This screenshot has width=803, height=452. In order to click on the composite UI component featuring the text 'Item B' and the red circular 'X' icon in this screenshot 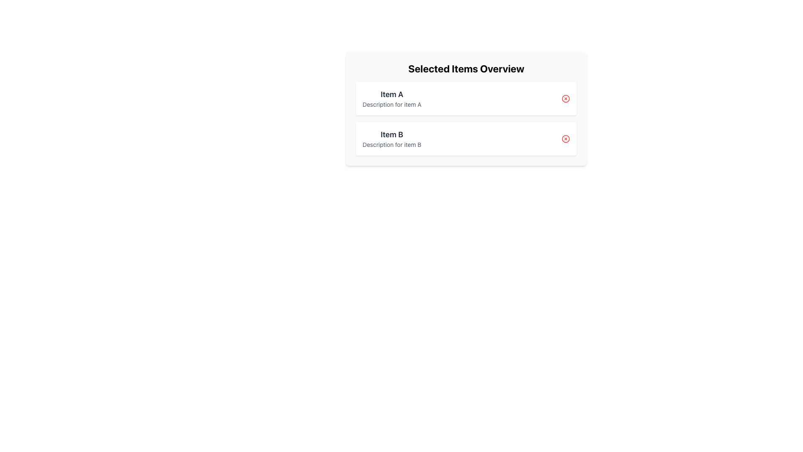, I will do `click(465, 138)`.